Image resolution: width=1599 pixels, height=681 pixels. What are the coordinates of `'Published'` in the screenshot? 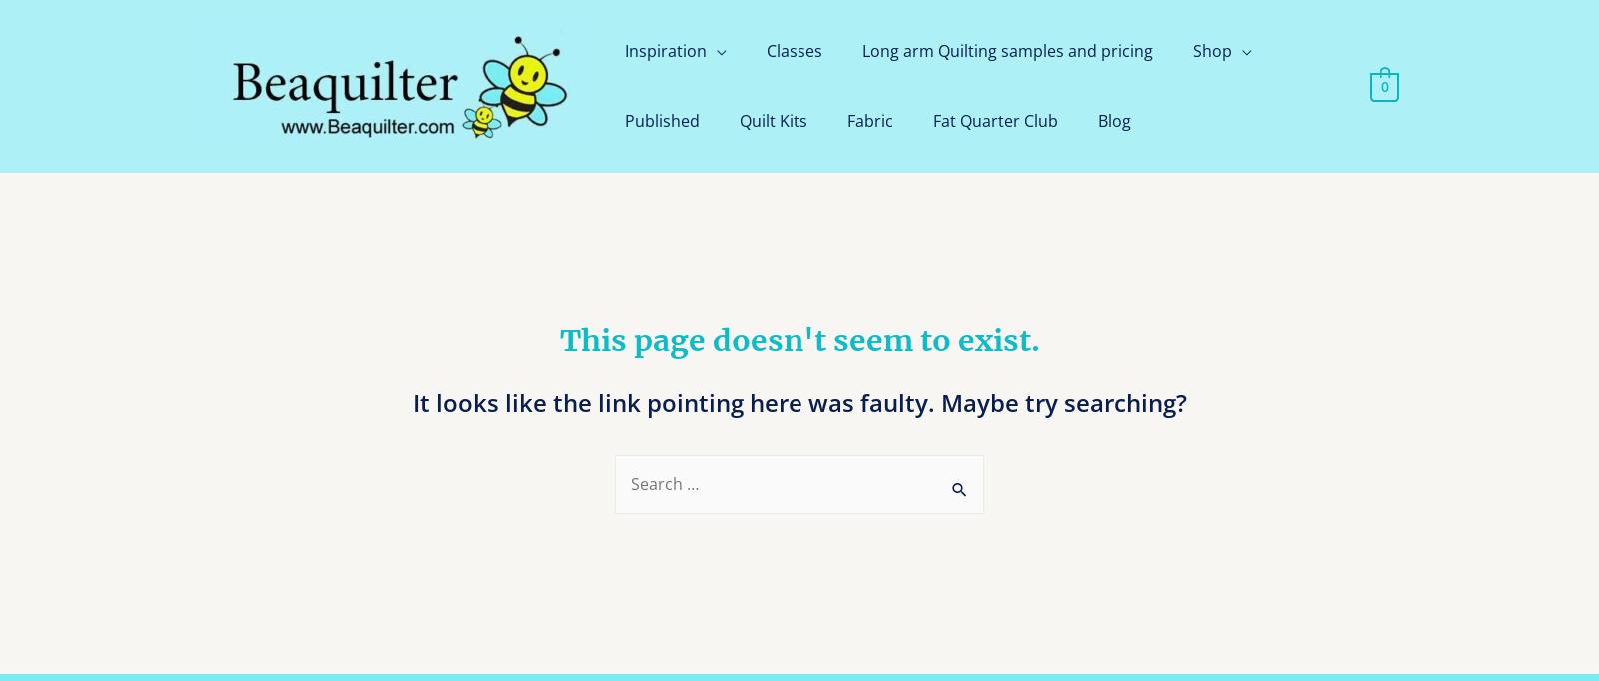 It's located at (624, 120).